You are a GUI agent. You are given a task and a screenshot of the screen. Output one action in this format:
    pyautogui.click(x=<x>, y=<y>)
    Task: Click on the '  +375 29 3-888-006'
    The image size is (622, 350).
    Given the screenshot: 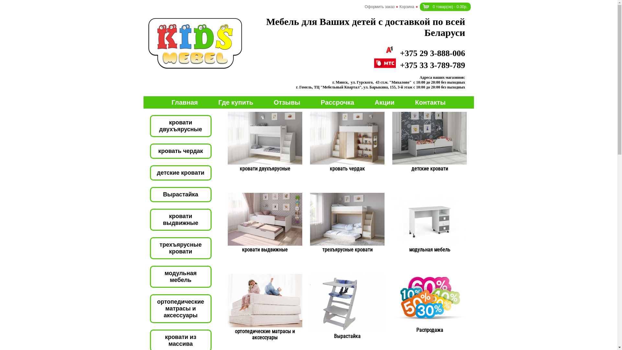 What is the action you would take?
    pyautogui.click(x=424, y=53)
    